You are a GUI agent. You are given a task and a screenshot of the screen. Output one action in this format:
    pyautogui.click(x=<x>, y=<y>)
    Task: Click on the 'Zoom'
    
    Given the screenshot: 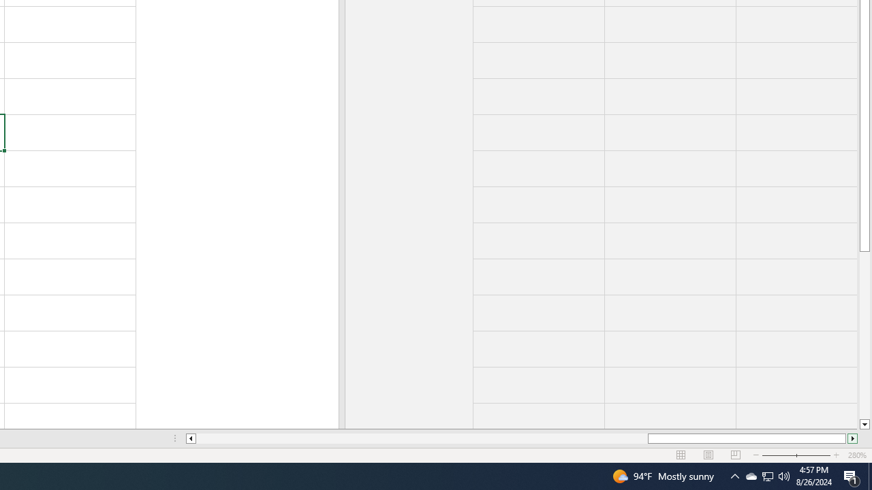 What is the action you would take?
    pyautogui.click(x=796, y=455)
    